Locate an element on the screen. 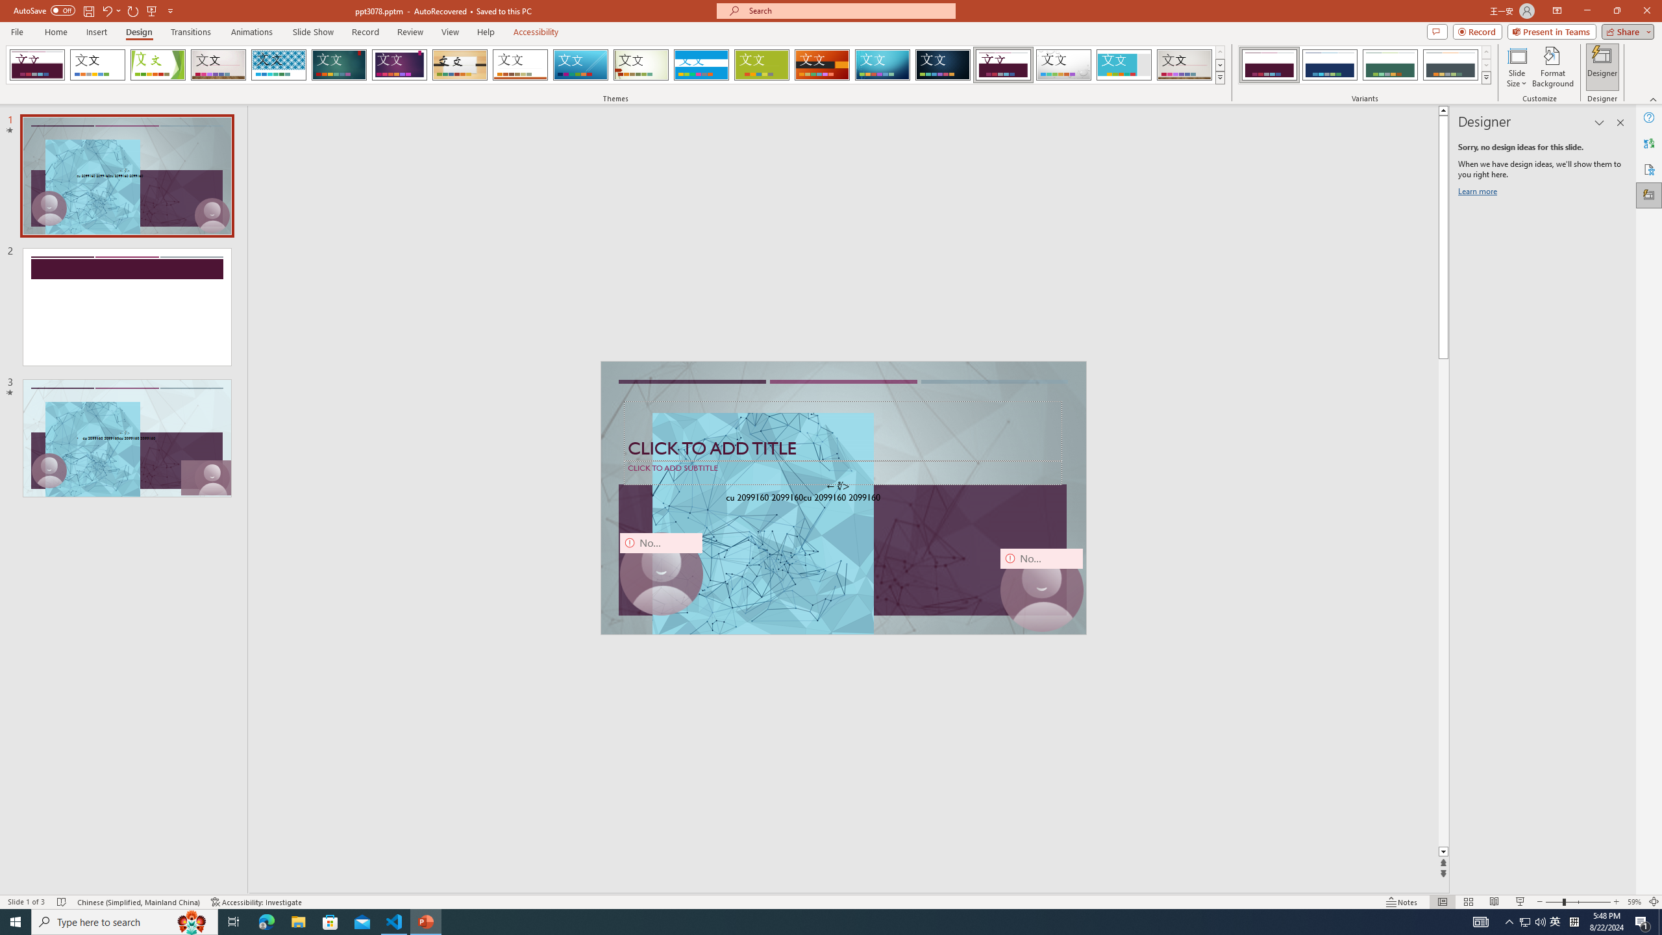 This screenshot has height=935, width=1662. 'TextBox 61' is located at coordinates (841, 498).